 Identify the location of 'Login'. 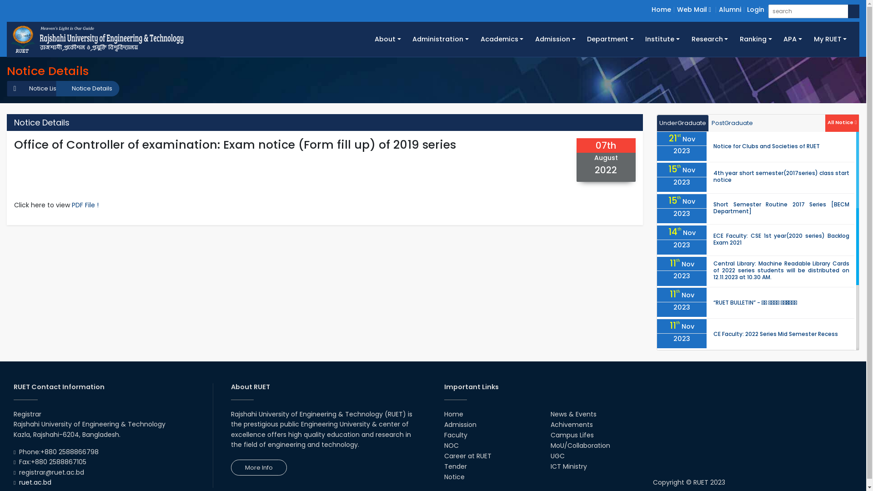
(755, 9).